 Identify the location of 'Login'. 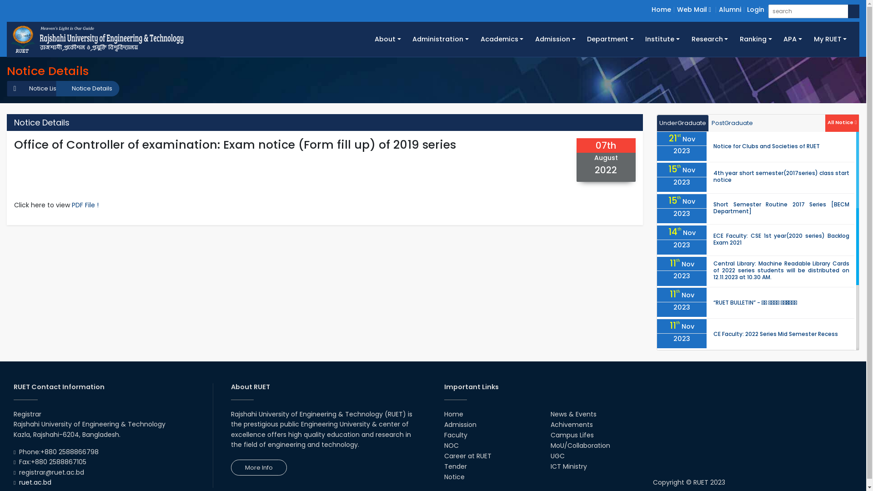
(755, 9).